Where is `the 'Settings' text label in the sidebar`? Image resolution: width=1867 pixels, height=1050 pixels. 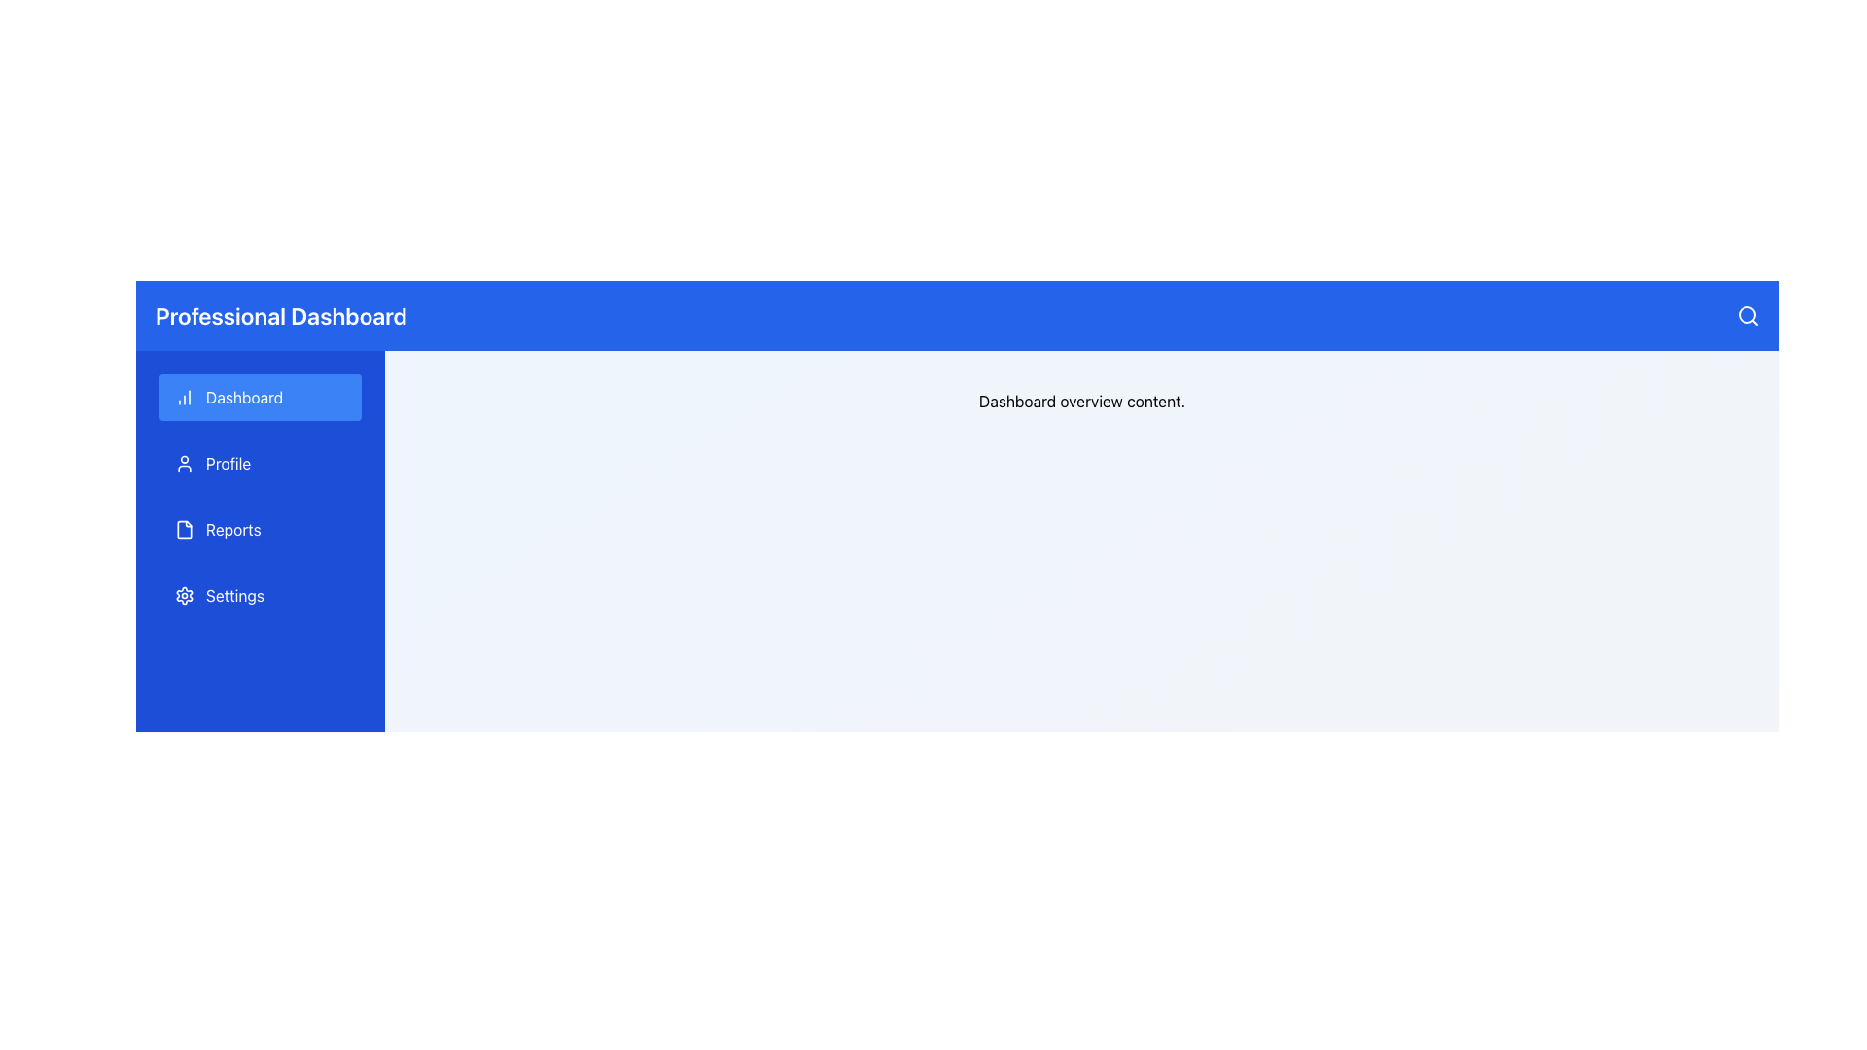
the 'Settings' text label in the sidebar is located at coordinates (233, 595).